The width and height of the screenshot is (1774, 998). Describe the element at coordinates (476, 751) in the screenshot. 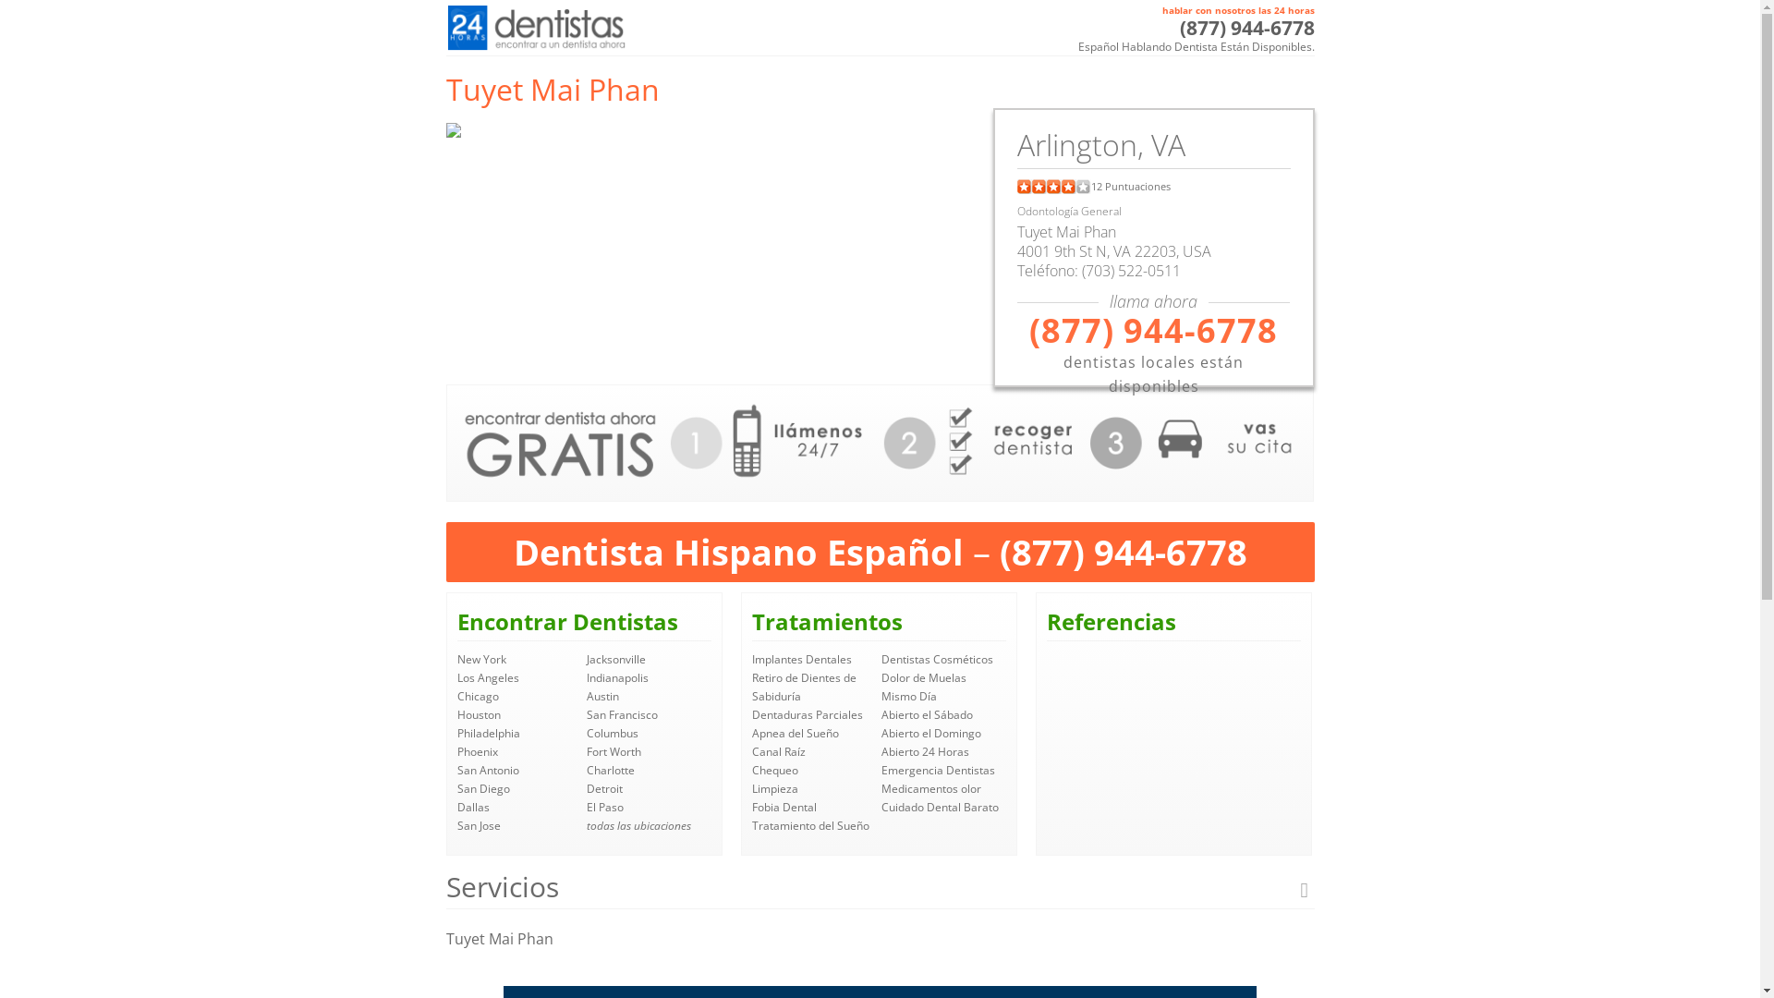

I see `'Phoenix'` at that location.